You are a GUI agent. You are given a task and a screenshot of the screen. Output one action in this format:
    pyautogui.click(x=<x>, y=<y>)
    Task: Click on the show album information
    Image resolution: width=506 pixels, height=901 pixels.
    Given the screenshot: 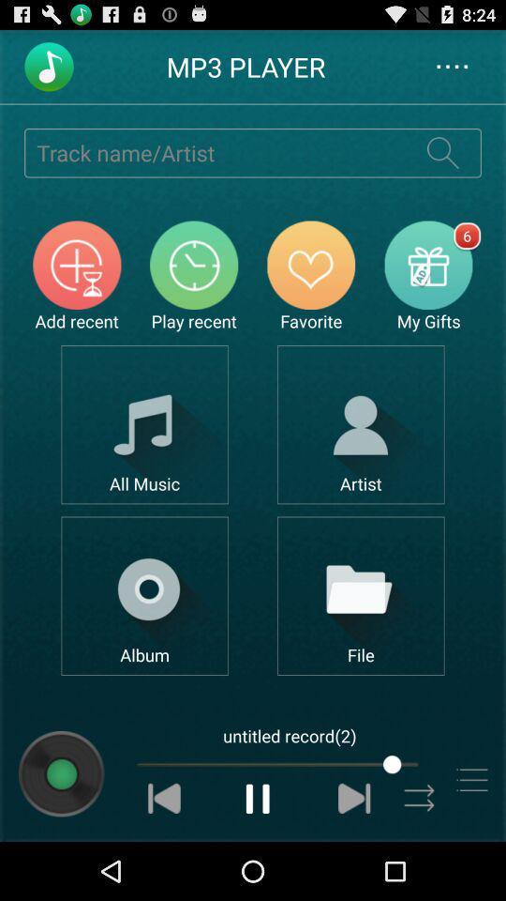 What is the action you would take?
    pyautogui.click(x=61, y=773)
    